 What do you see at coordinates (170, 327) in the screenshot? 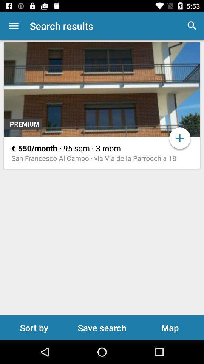
I see `the map` at bounding box center [170, 327].